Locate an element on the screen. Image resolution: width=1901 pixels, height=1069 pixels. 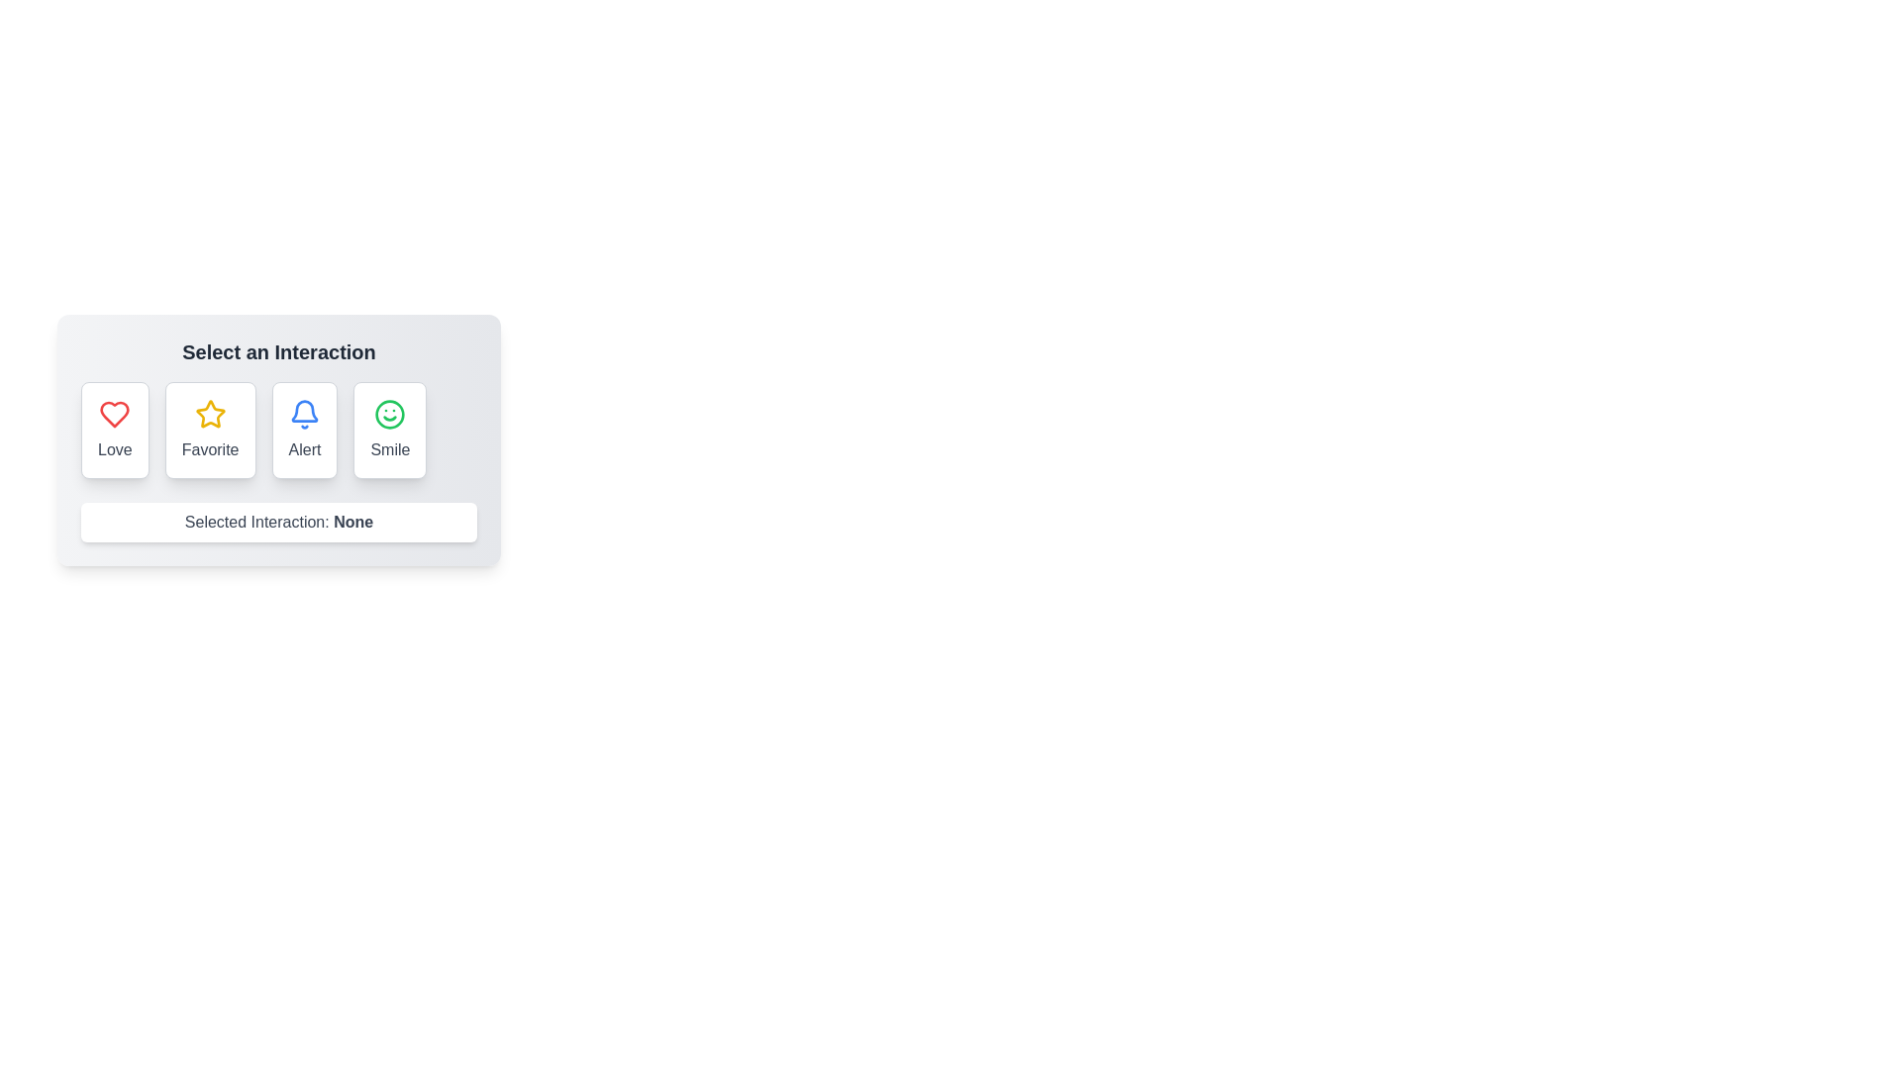
the interaction by clicking on the Love button is located at coordinates (113, 430).